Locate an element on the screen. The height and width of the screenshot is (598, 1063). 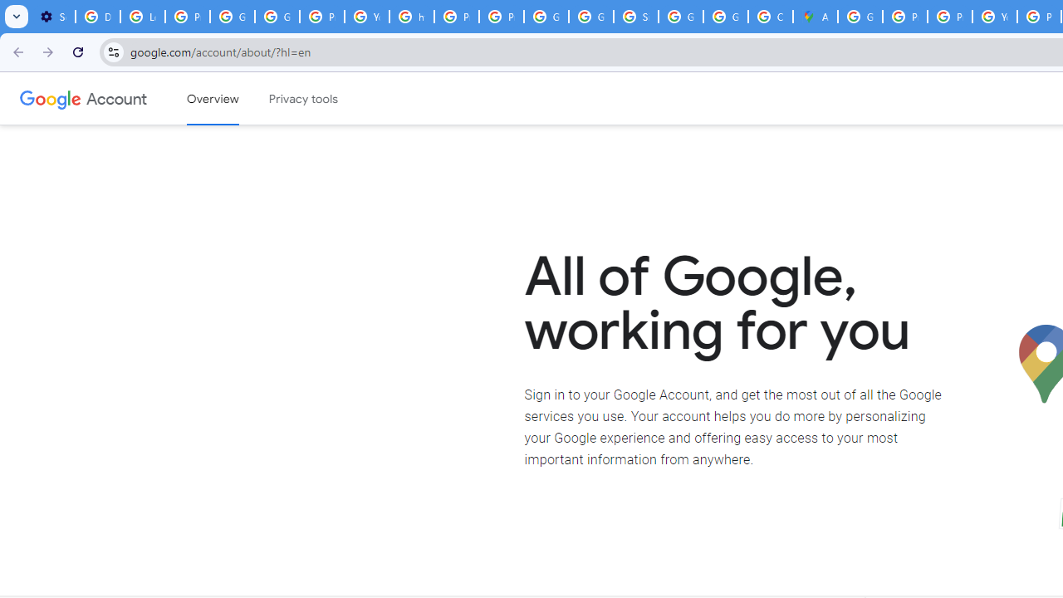
'https://scholar.google.com/' is located at coordinates (412, 17).